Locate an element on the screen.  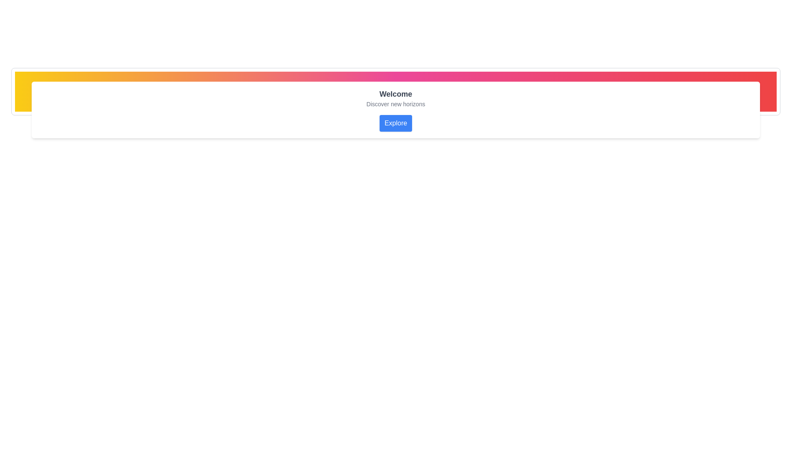
the static text component displaying the phrase 'Discover new horizons', which is styled in a smaller grayish font and positioned centrally beneath the 'Welcome' text and above the 'Explore' button is located at coordinates (395, 104).